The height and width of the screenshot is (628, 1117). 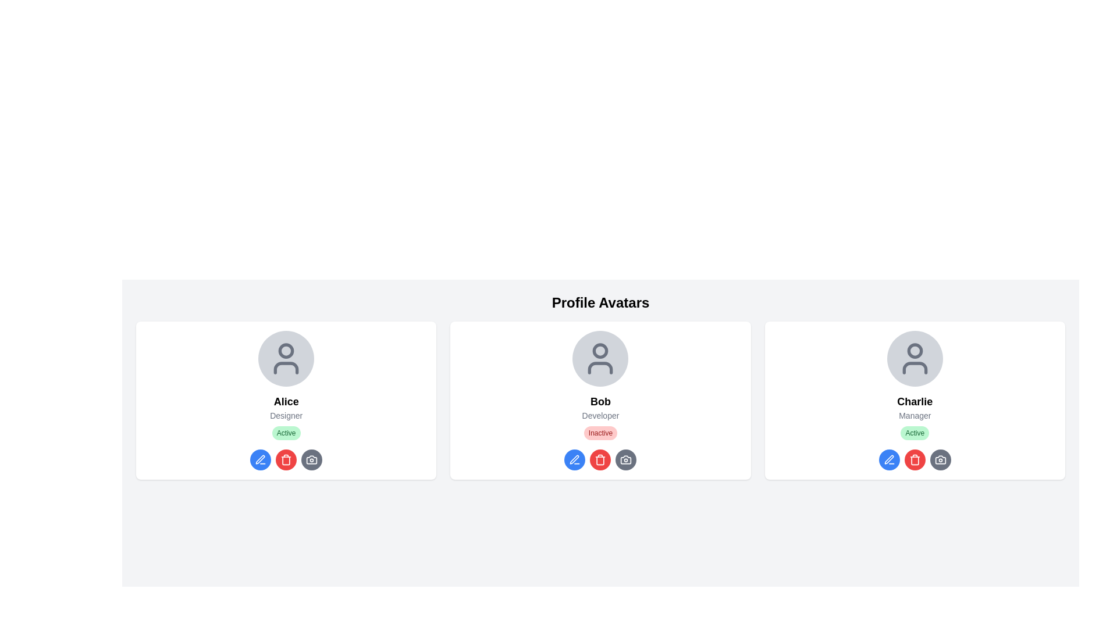 I want to click on text header that serves as the title for the section containing profile cards, positioned at the top of the grid layout, so click(x=600, y=302).